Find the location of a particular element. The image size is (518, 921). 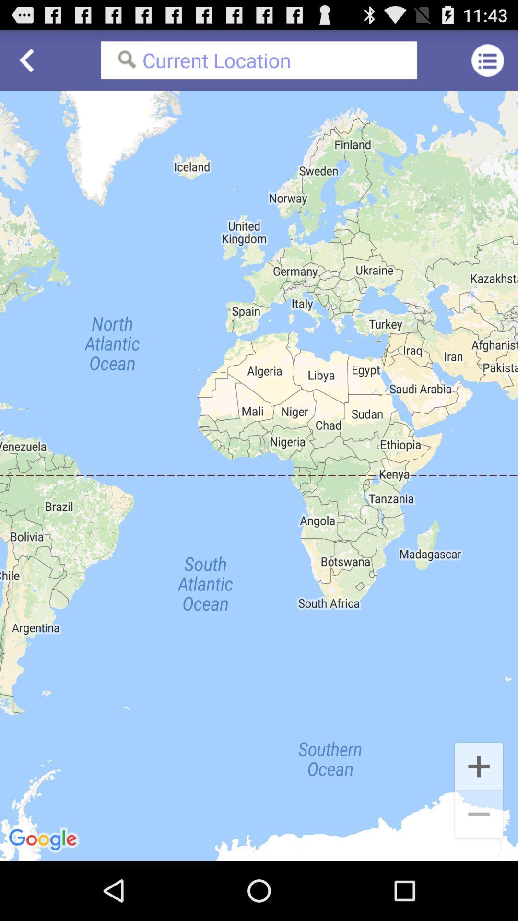

the arrow_backward icon is located at coordinates (29, 64).